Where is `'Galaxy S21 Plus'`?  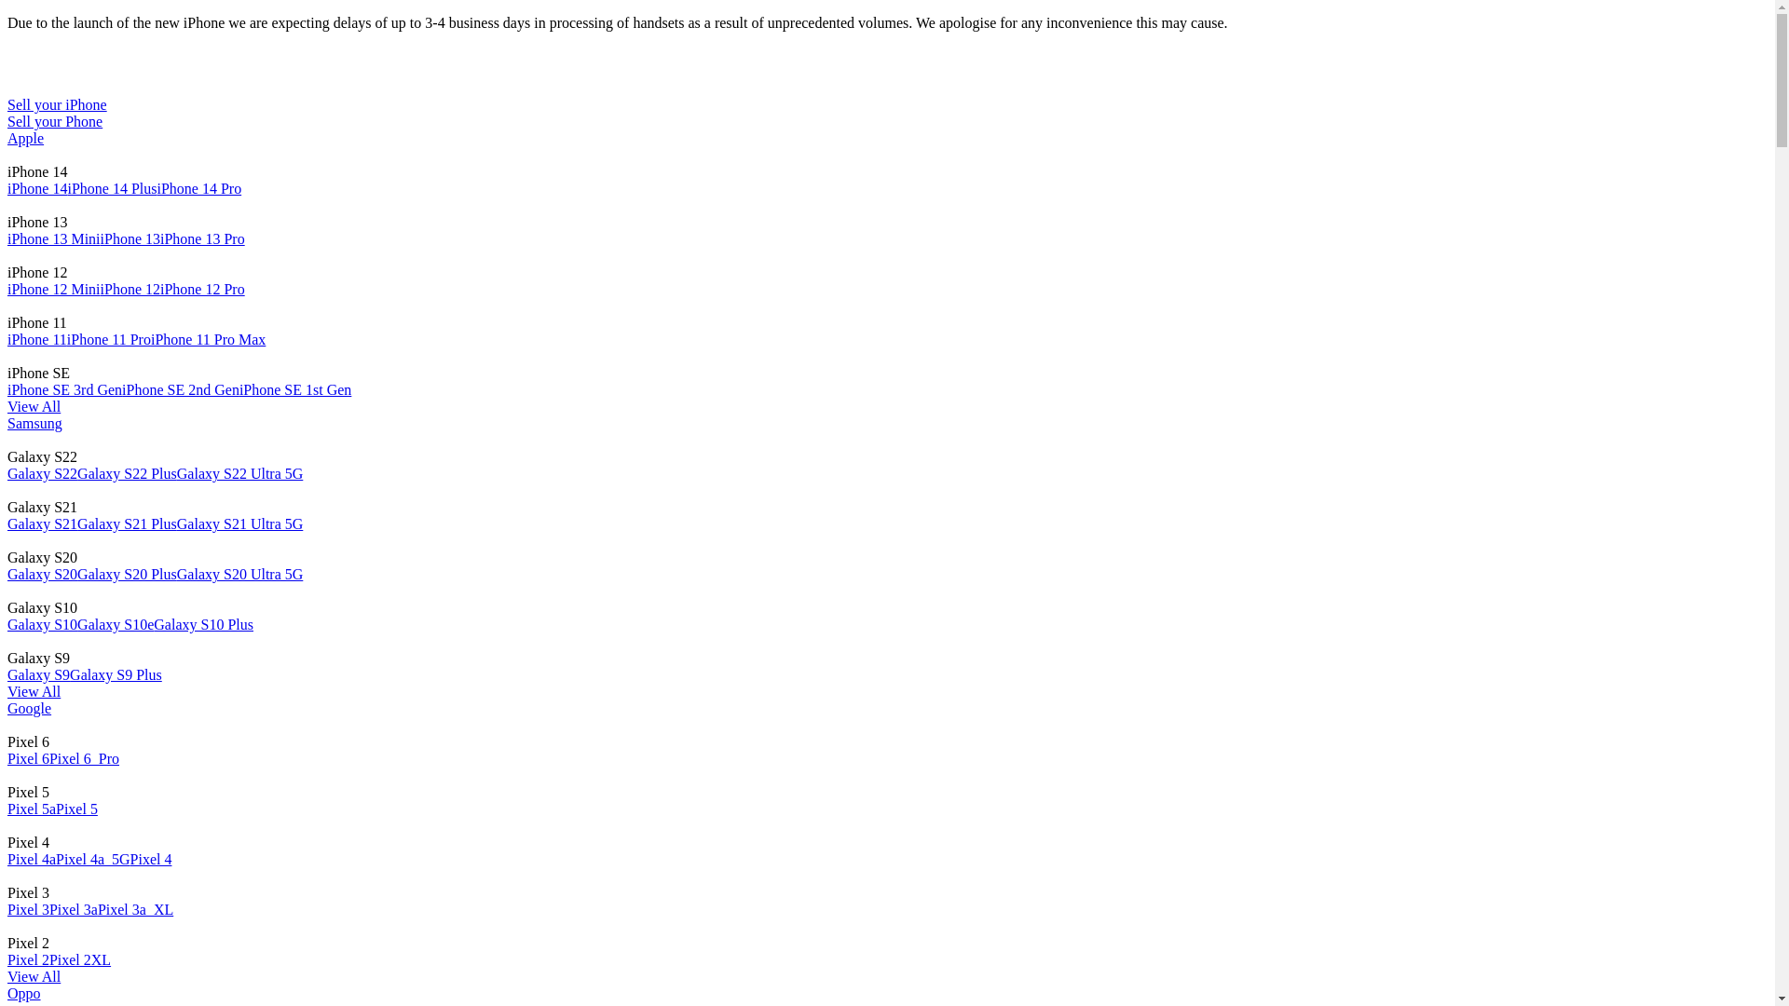 'Galaxy S21 Plus' is located at coordinates (126, 523).